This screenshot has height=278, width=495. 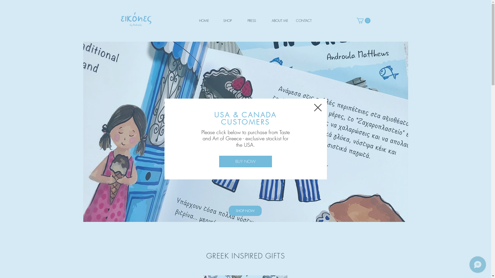 What do you see at coordinates (292, 20) in the screenshot?
I see `'CONTACT'` at bounding box center [292, 20].